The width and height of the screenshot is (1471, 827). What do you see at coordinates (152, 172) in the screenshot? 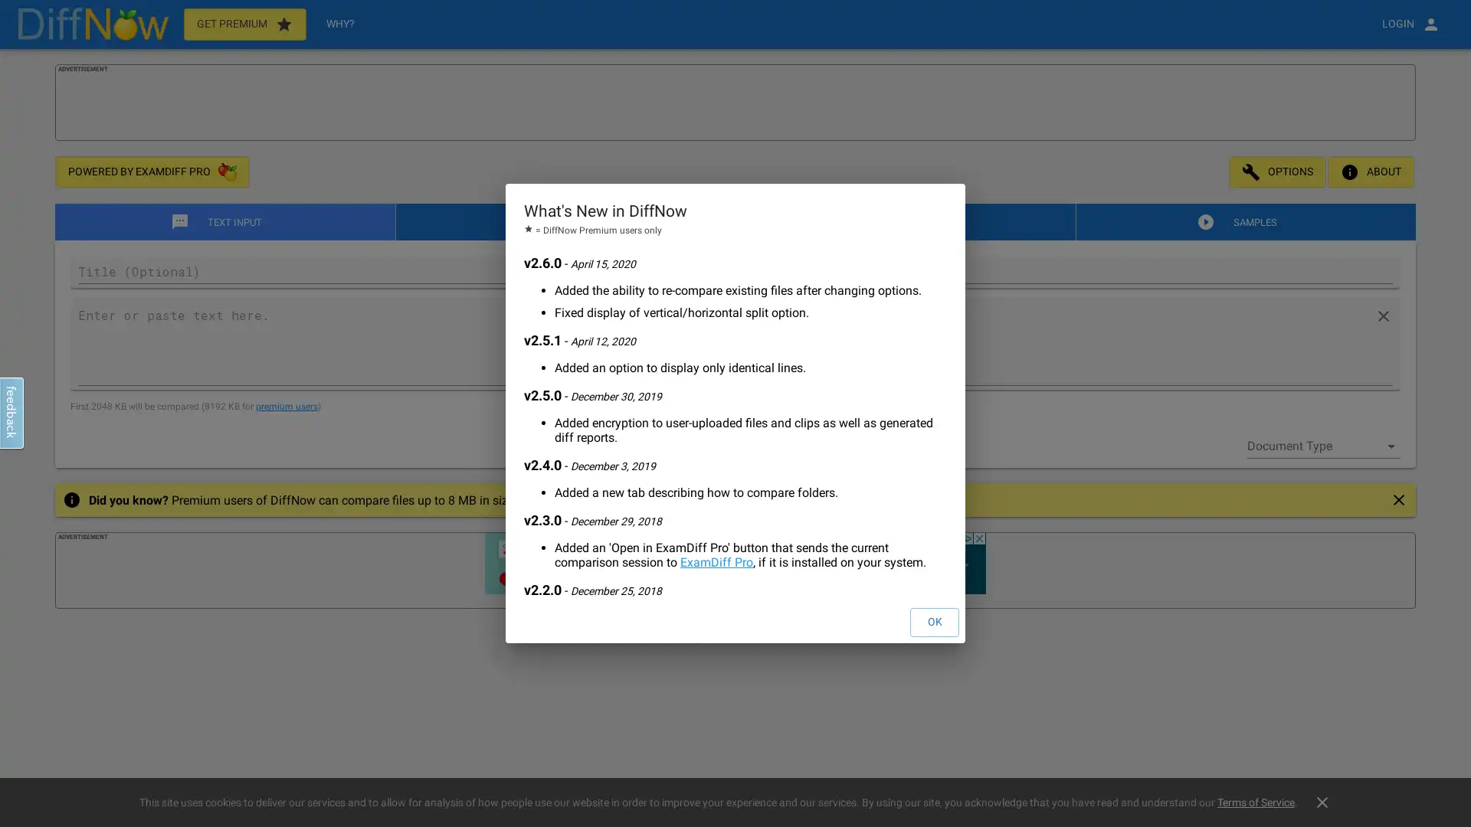
I see `POWERED BY EXAMDIFF PRO ExamDiff Pro` at bounding box center [152, 172].